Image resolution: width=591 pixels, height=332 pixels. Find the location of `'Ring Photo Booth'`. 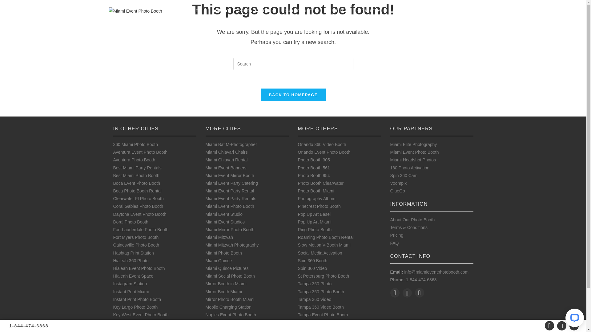

'Ring Photo Booth' is located at coordinates (315, 230).